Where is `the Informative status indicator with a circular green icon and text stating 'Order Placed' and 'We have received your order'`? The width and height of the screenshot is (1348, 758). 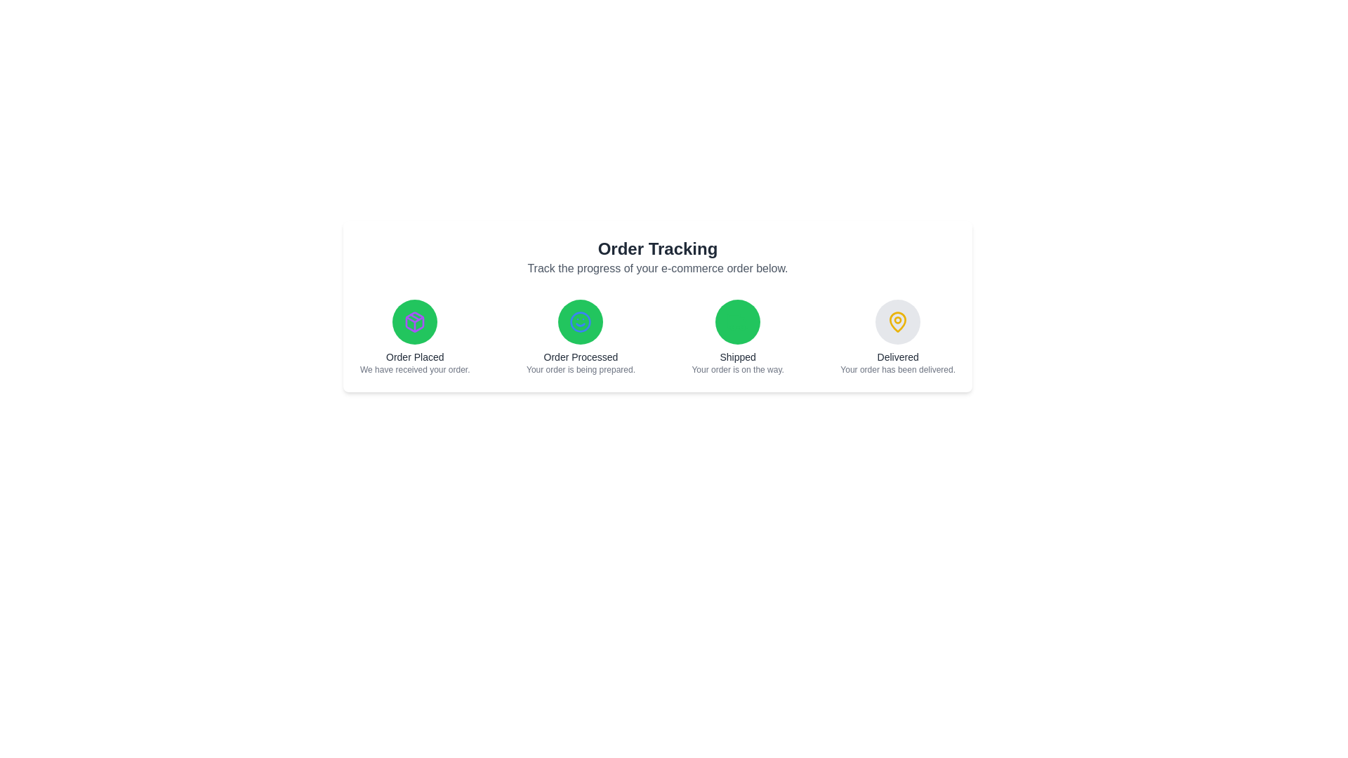 the Informative status indicator with a circular green icon and text stating 'Order Placed' and 'We have received your order' is located at coordinates (414, 338).